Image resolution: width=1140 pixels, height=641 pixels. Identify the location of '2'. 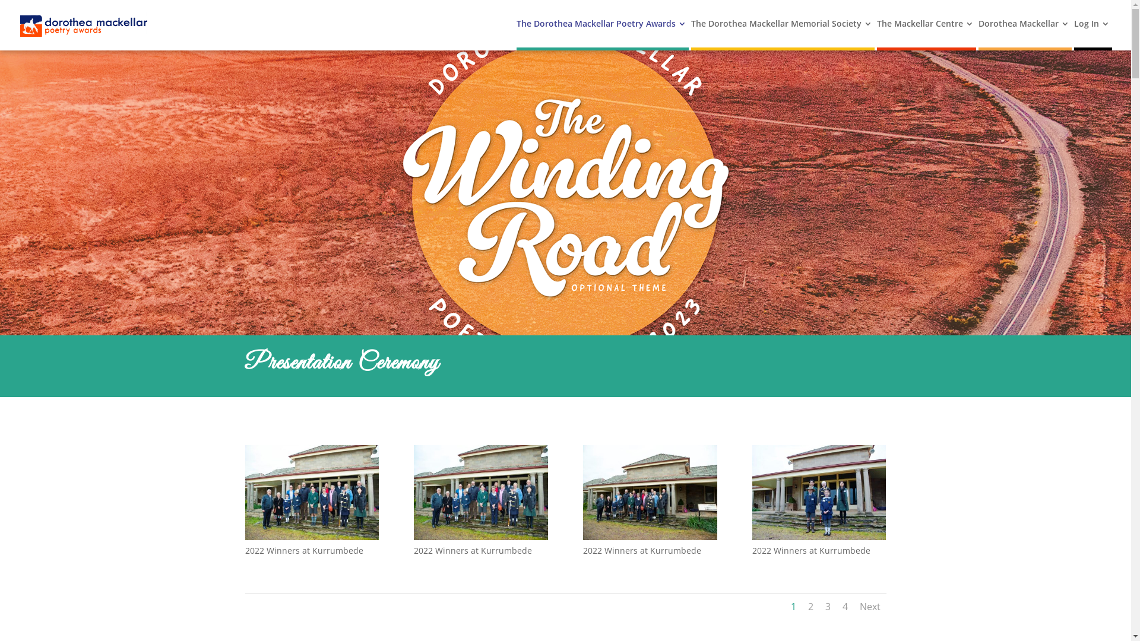
(809, 607).